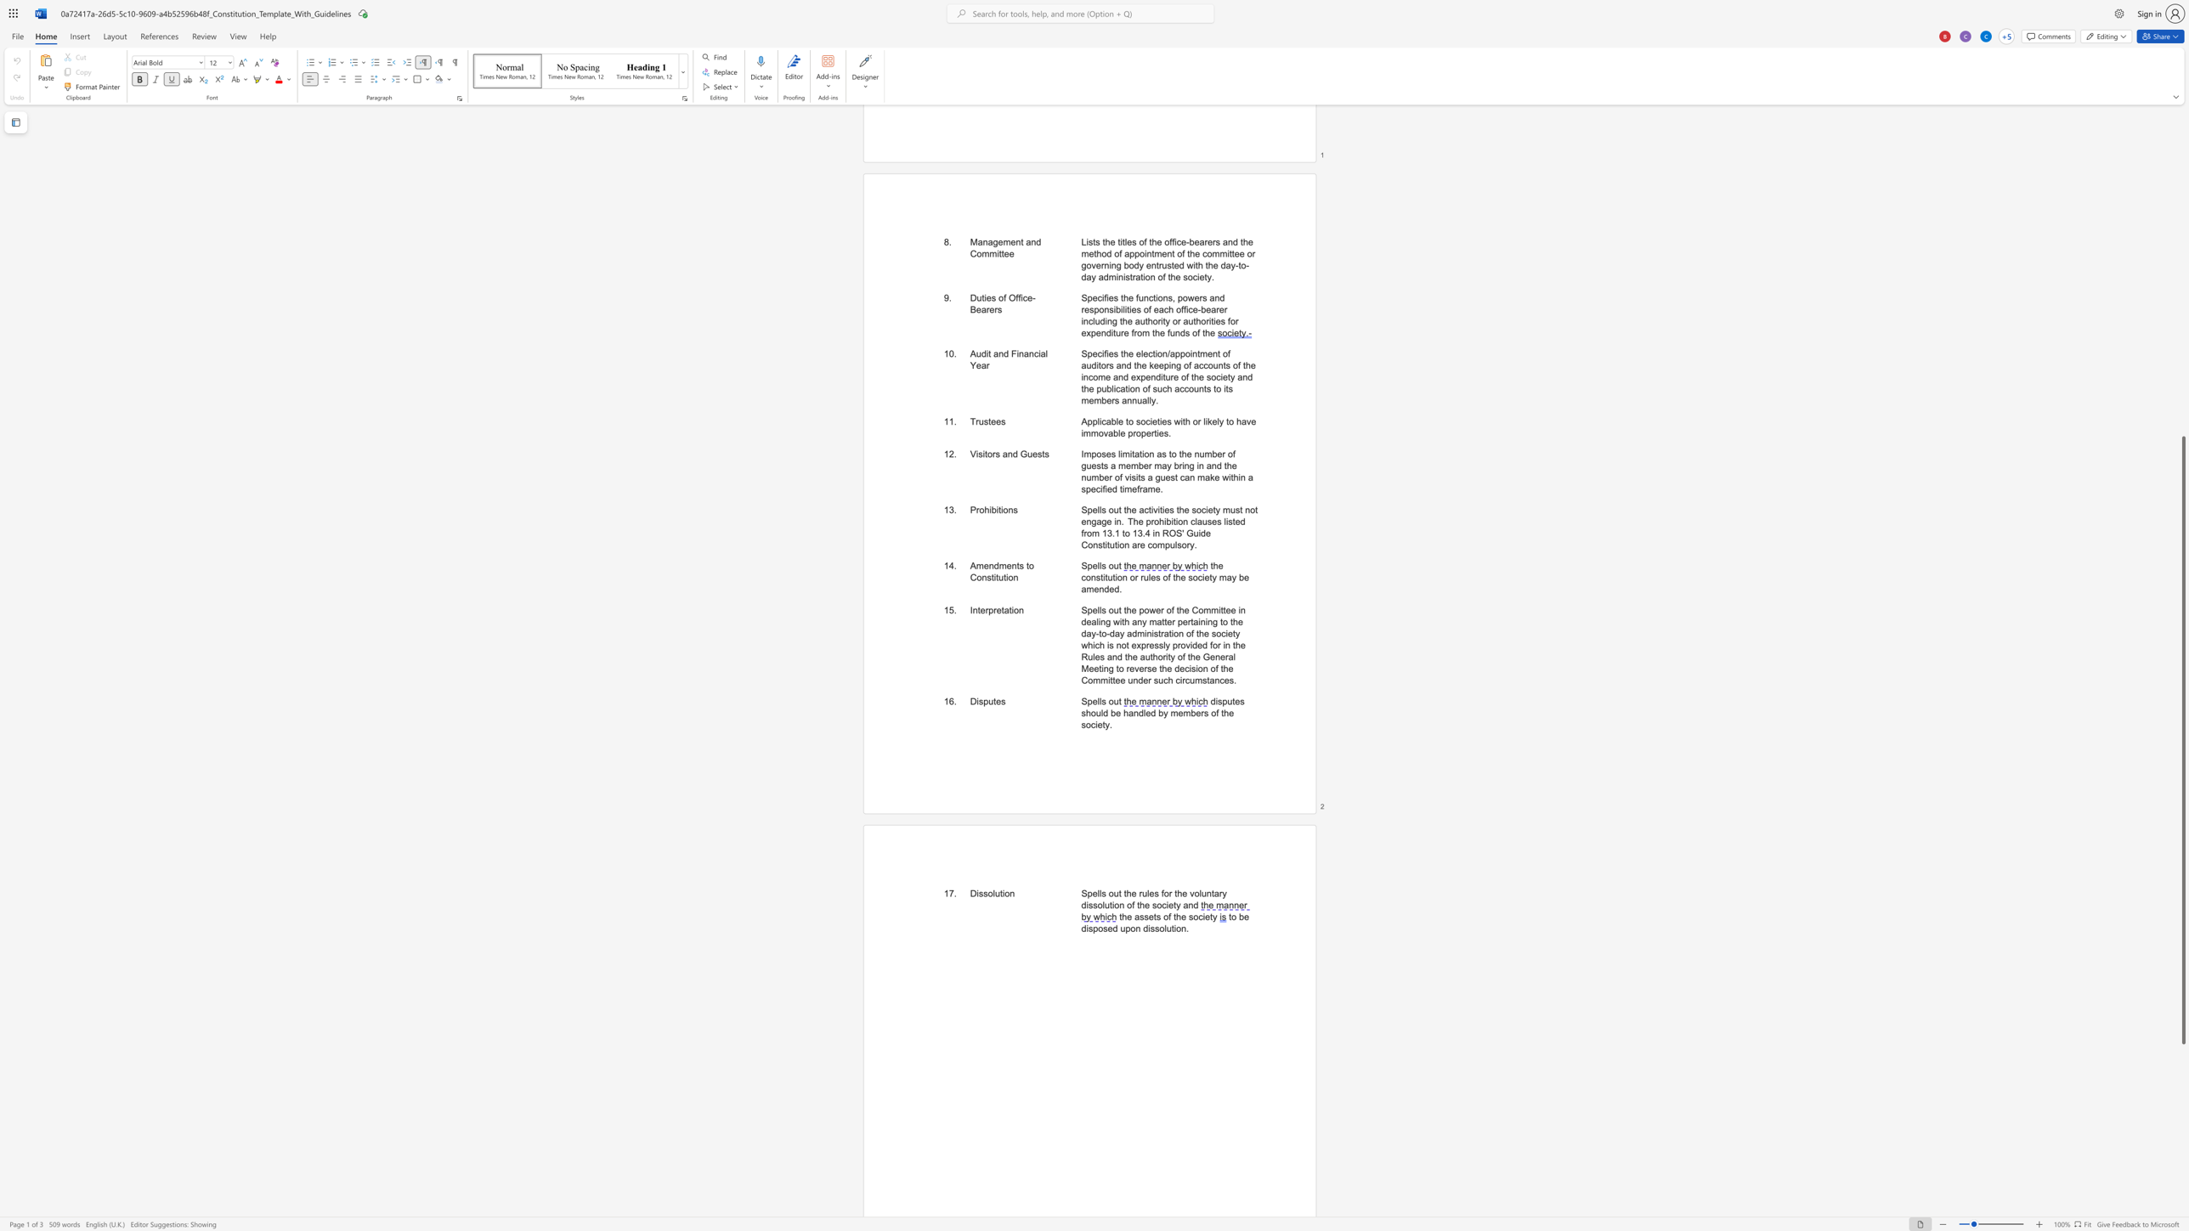 Image resolution: width=2189 pixels, height=1231 pixels. Describe the element at coordinates (2182, 313) in the screenshot. I see `the scrollbar to slide the page up` at that location.